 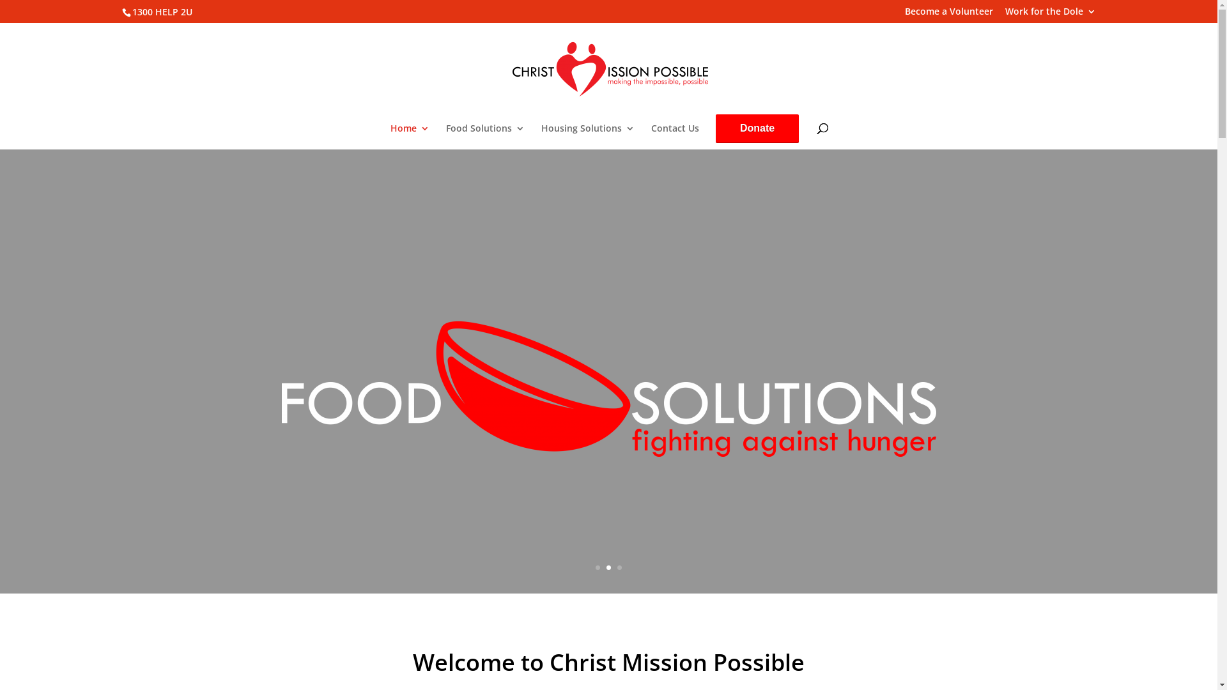 I want to click on 'Donate', so click(x=757, y=128).